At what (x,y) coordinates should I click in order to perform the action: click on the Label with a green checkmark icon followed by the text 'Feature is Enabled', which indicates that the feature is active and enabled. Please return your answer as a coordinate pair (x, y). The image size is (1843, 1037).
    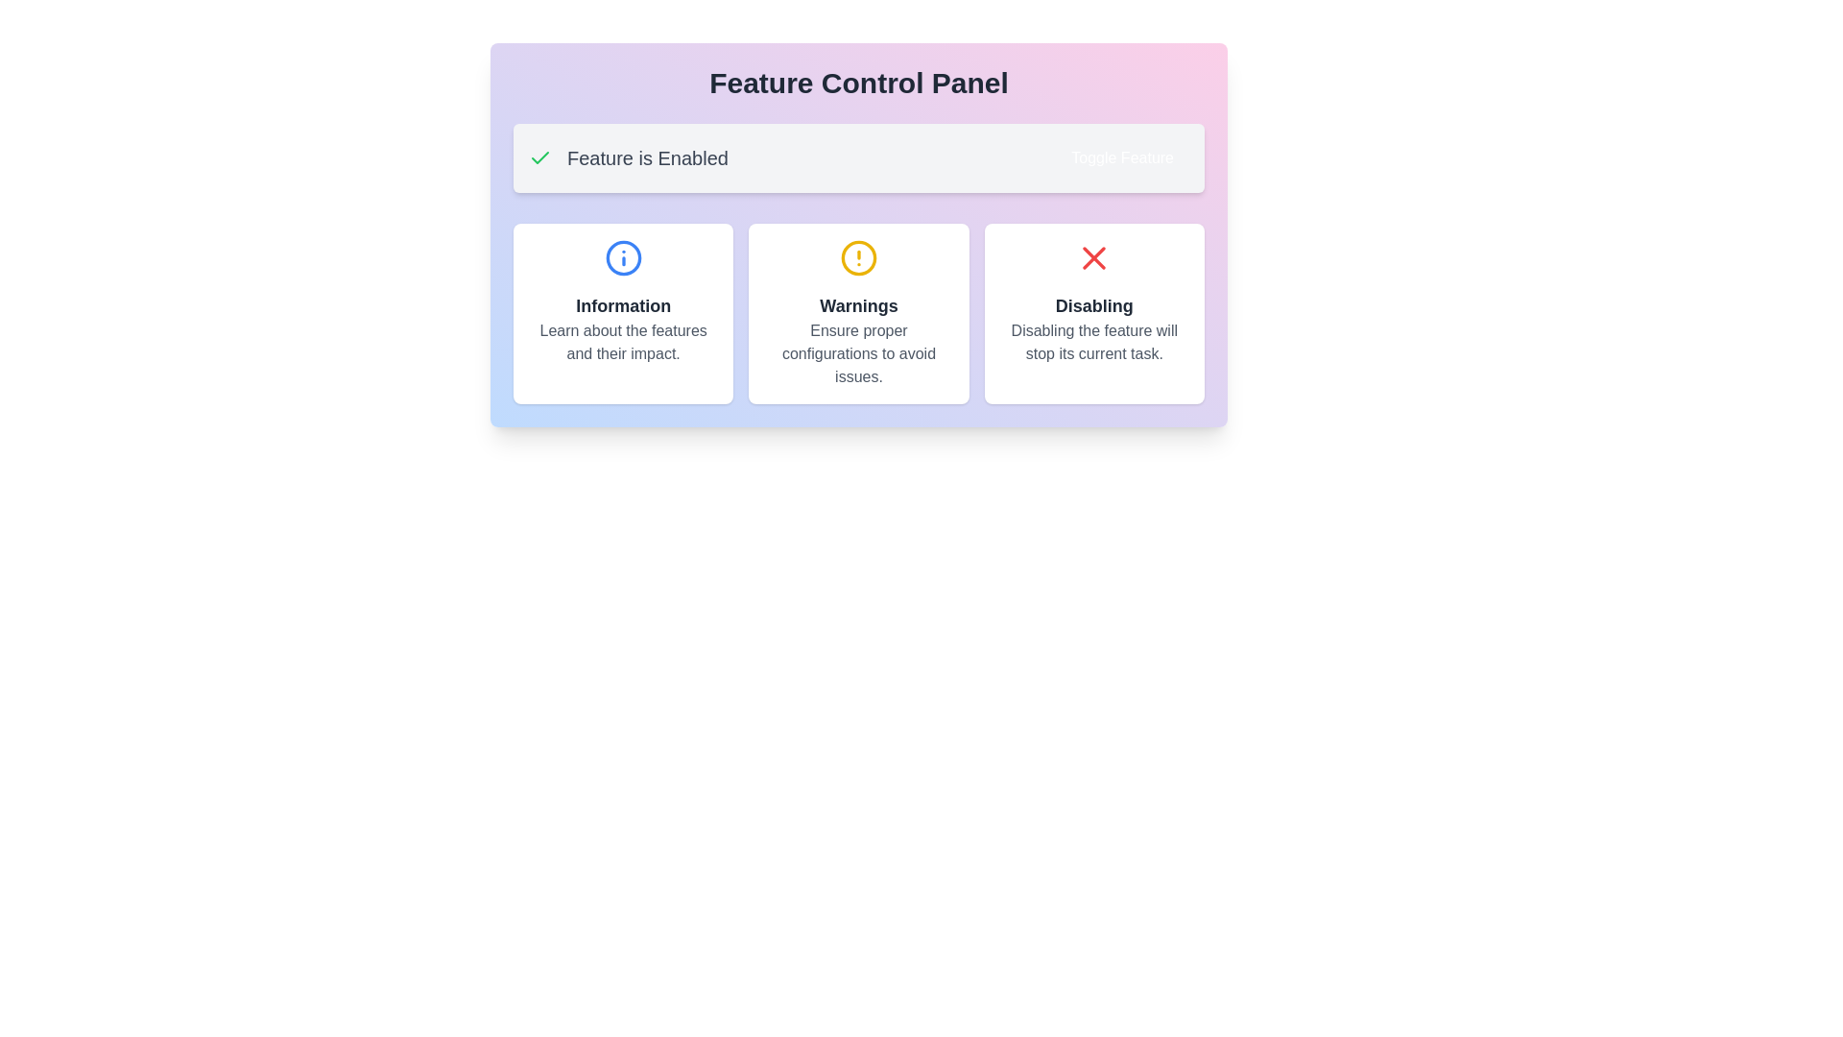
    Looking at the image, I should click on (628, 157).